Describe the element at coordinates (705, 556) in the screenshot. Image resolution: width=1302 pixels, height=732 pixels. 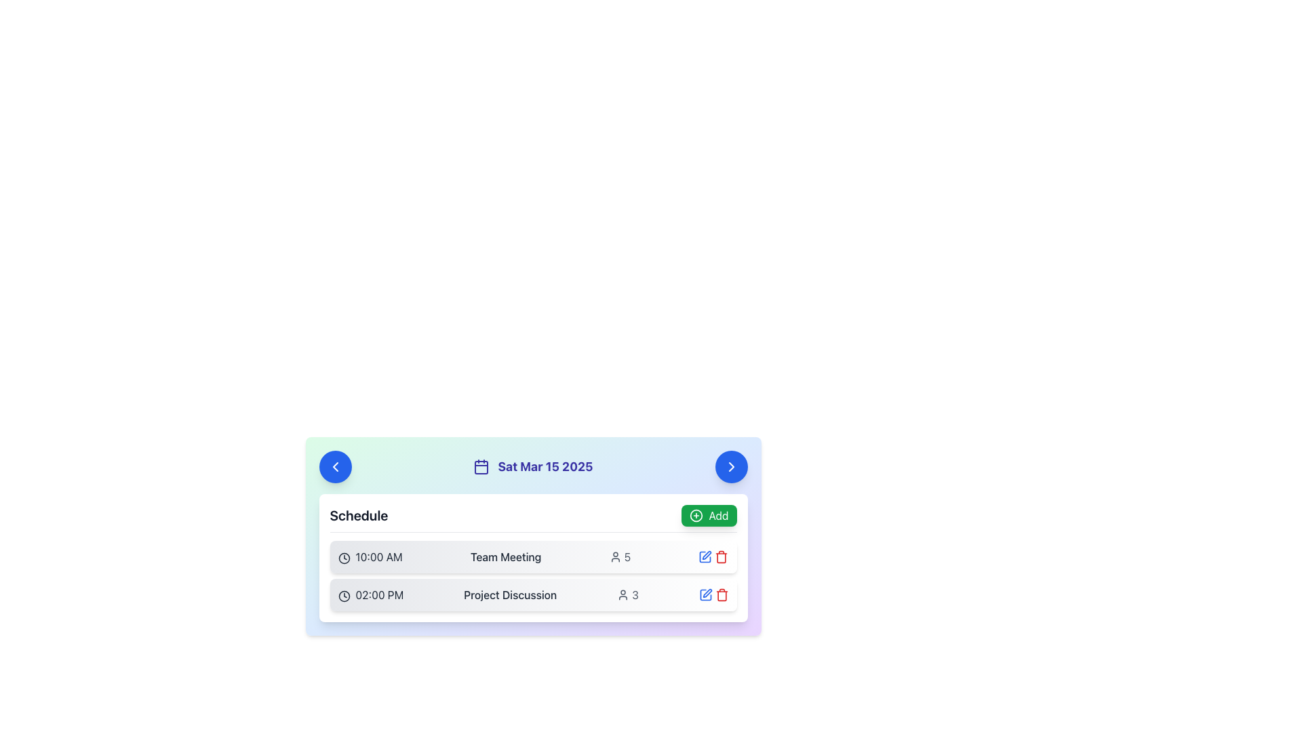
I see `the edit button located to the right of the 'Team Meeting' text to initiate the edit process for that schedule entry` at that location.